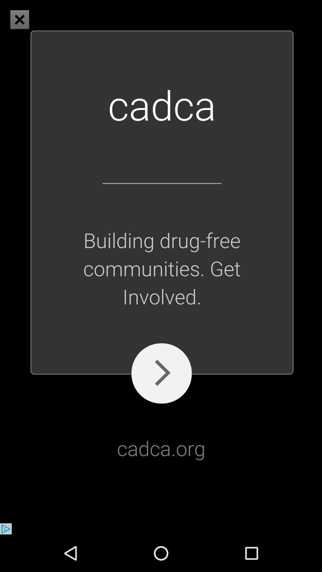  Describe the element at coordinates (19, 21) in the screenshot. I see `the close icon` at that location.